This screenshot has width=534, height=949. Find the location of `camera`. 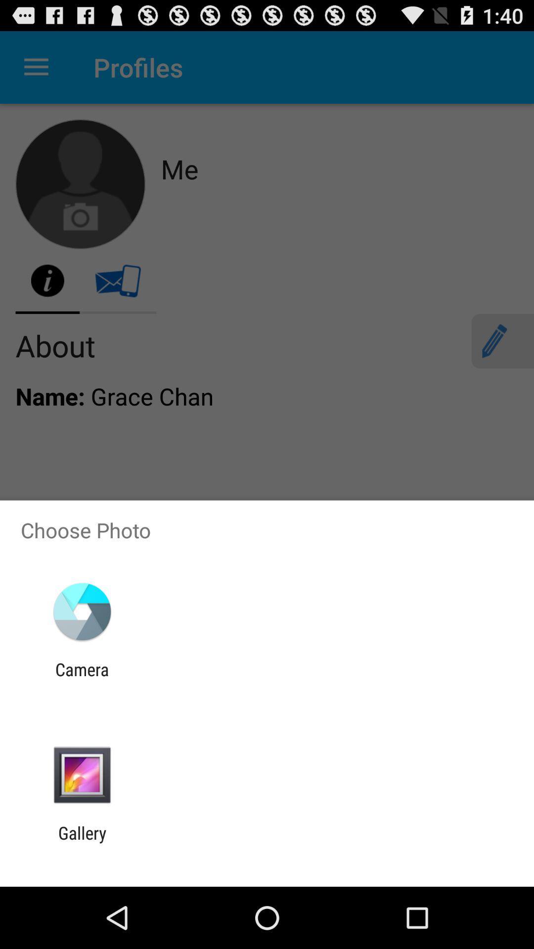

camera is located at coordinates (82, 679).